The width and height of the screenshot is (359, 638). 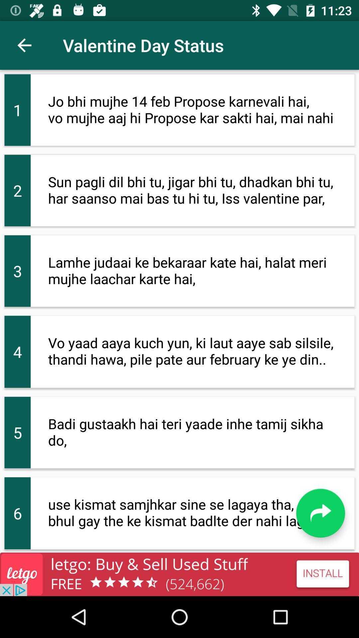 I want to click on goto next, so click(x=320, y=513).